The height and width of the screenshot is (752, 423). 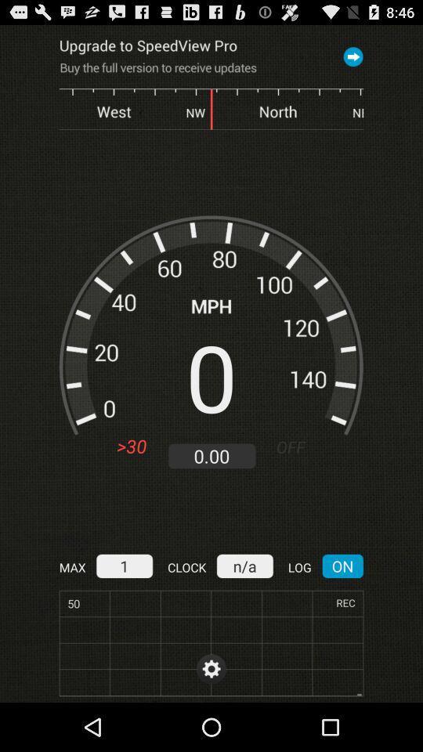 I want to click on off on the right, so click(x=297, y=446).